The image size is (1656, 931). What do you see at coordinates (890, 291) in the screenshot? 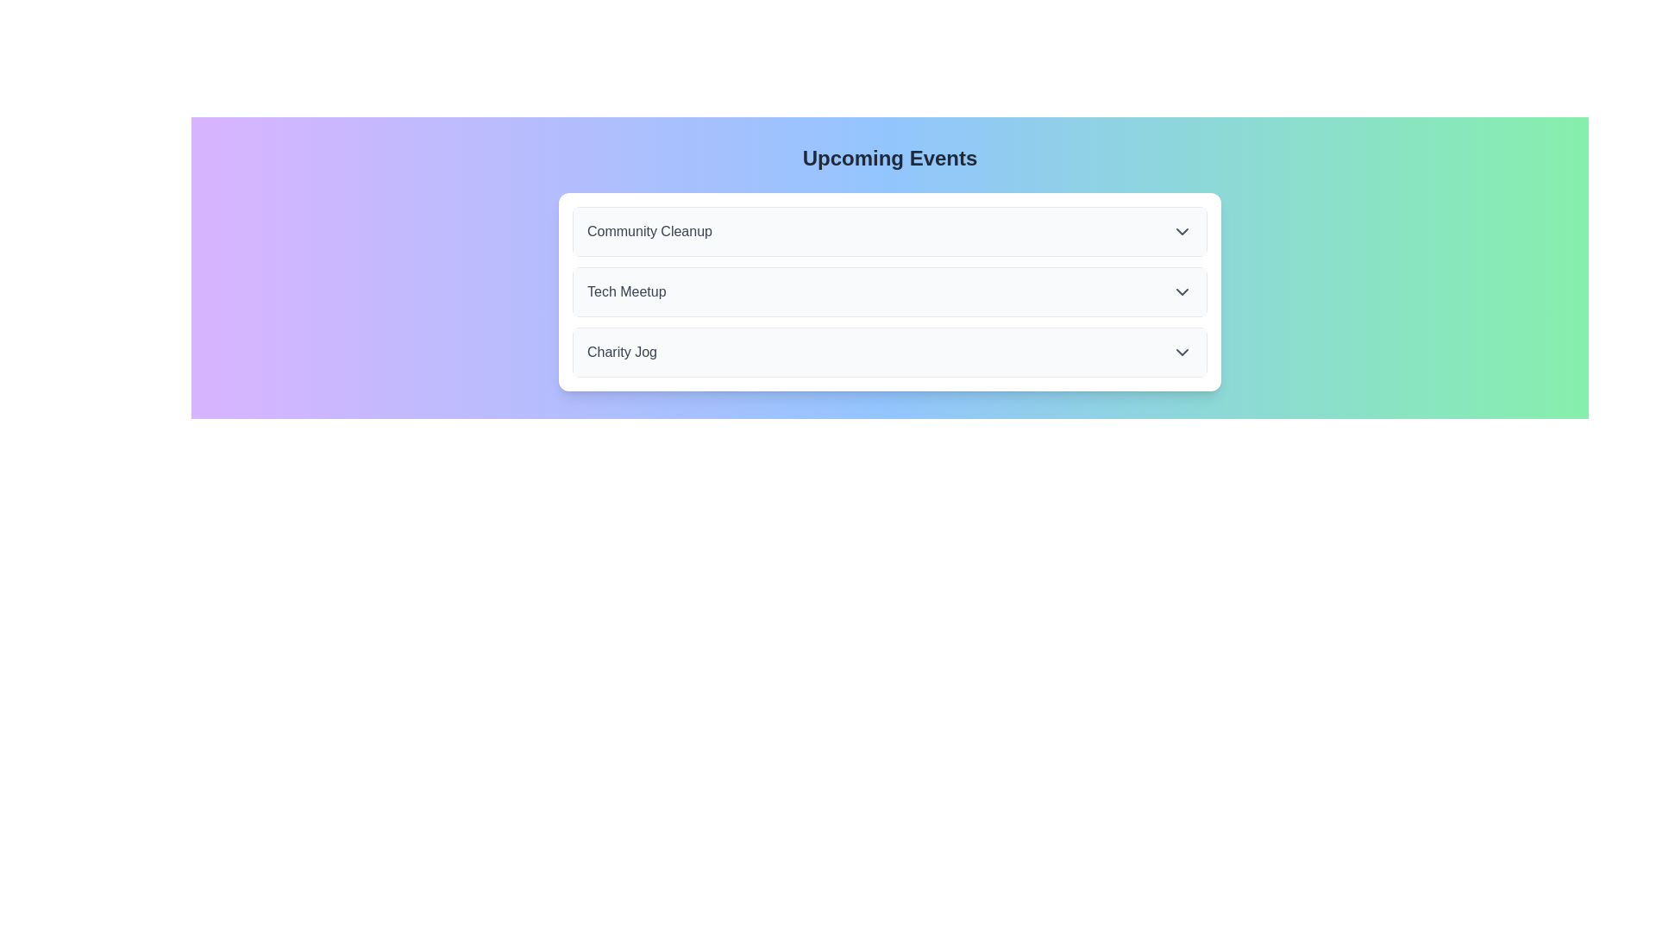
I see `the 'Tech Meetup' button, which is the second item in the 'Upcoming Events' list` at bounding box center [890, 291].